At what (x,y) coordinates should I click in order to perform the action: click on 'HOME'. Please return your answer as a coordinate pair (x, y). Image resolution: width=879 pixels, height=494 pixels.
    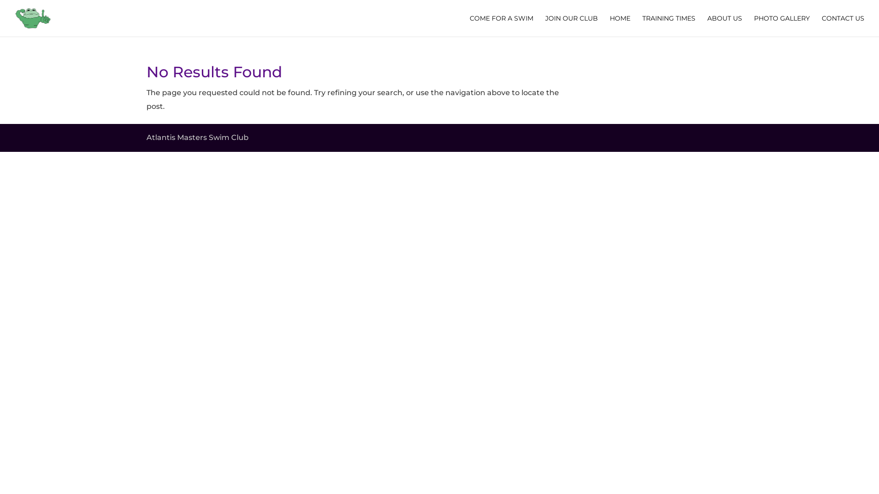
    Looking at the image, I should click on (620, 25).